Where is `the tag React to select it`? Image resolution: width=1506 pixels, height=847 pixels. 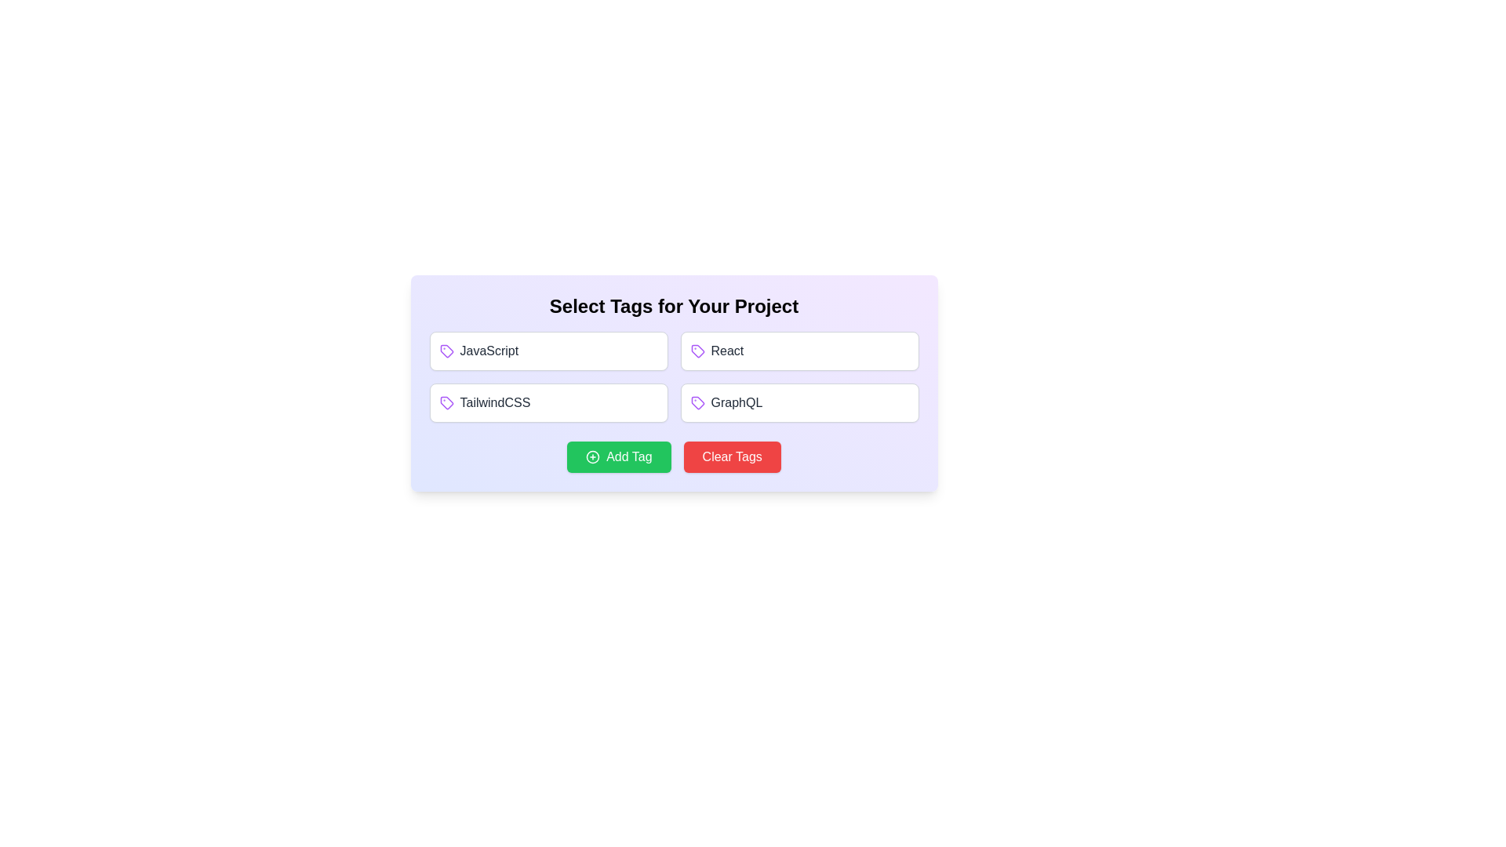 the tag React to select it is located at coordinates (799, 350).